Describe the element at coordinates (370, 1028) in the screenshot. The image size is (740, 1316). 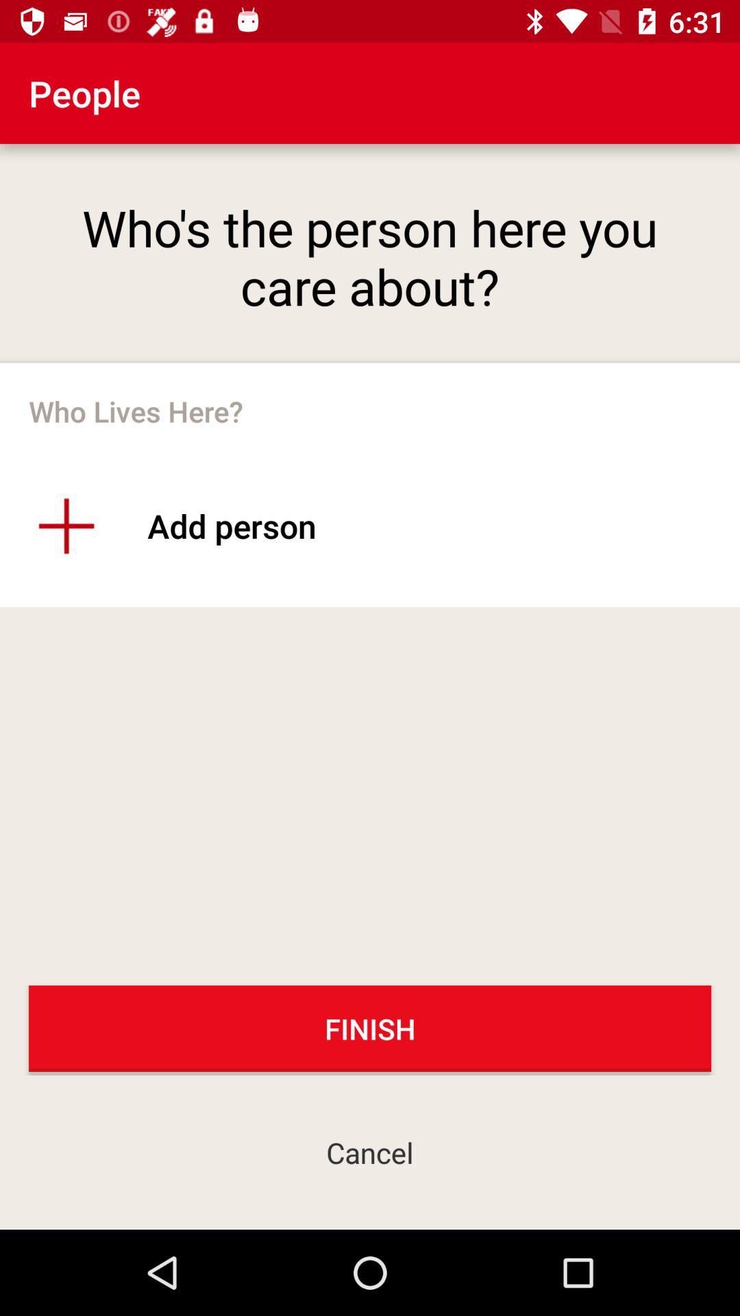
I see `finish` at that location.